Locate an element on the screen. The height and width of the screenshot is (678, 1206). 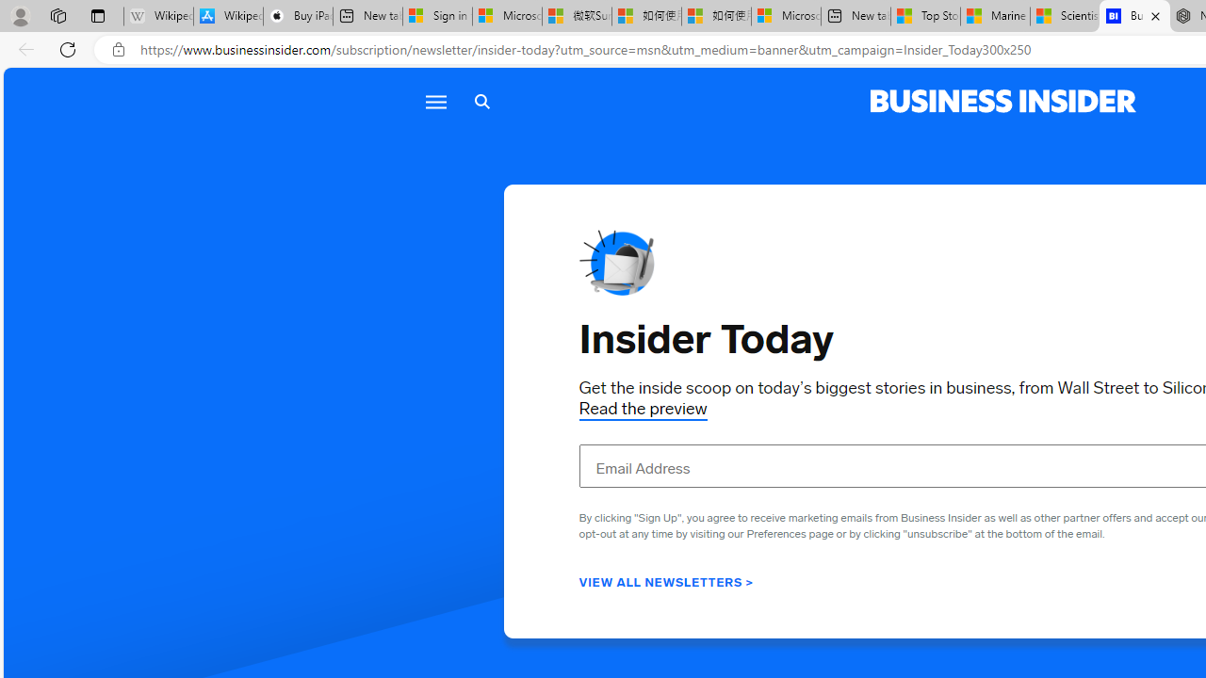
'Menu' is located at coordinates (434, 102).